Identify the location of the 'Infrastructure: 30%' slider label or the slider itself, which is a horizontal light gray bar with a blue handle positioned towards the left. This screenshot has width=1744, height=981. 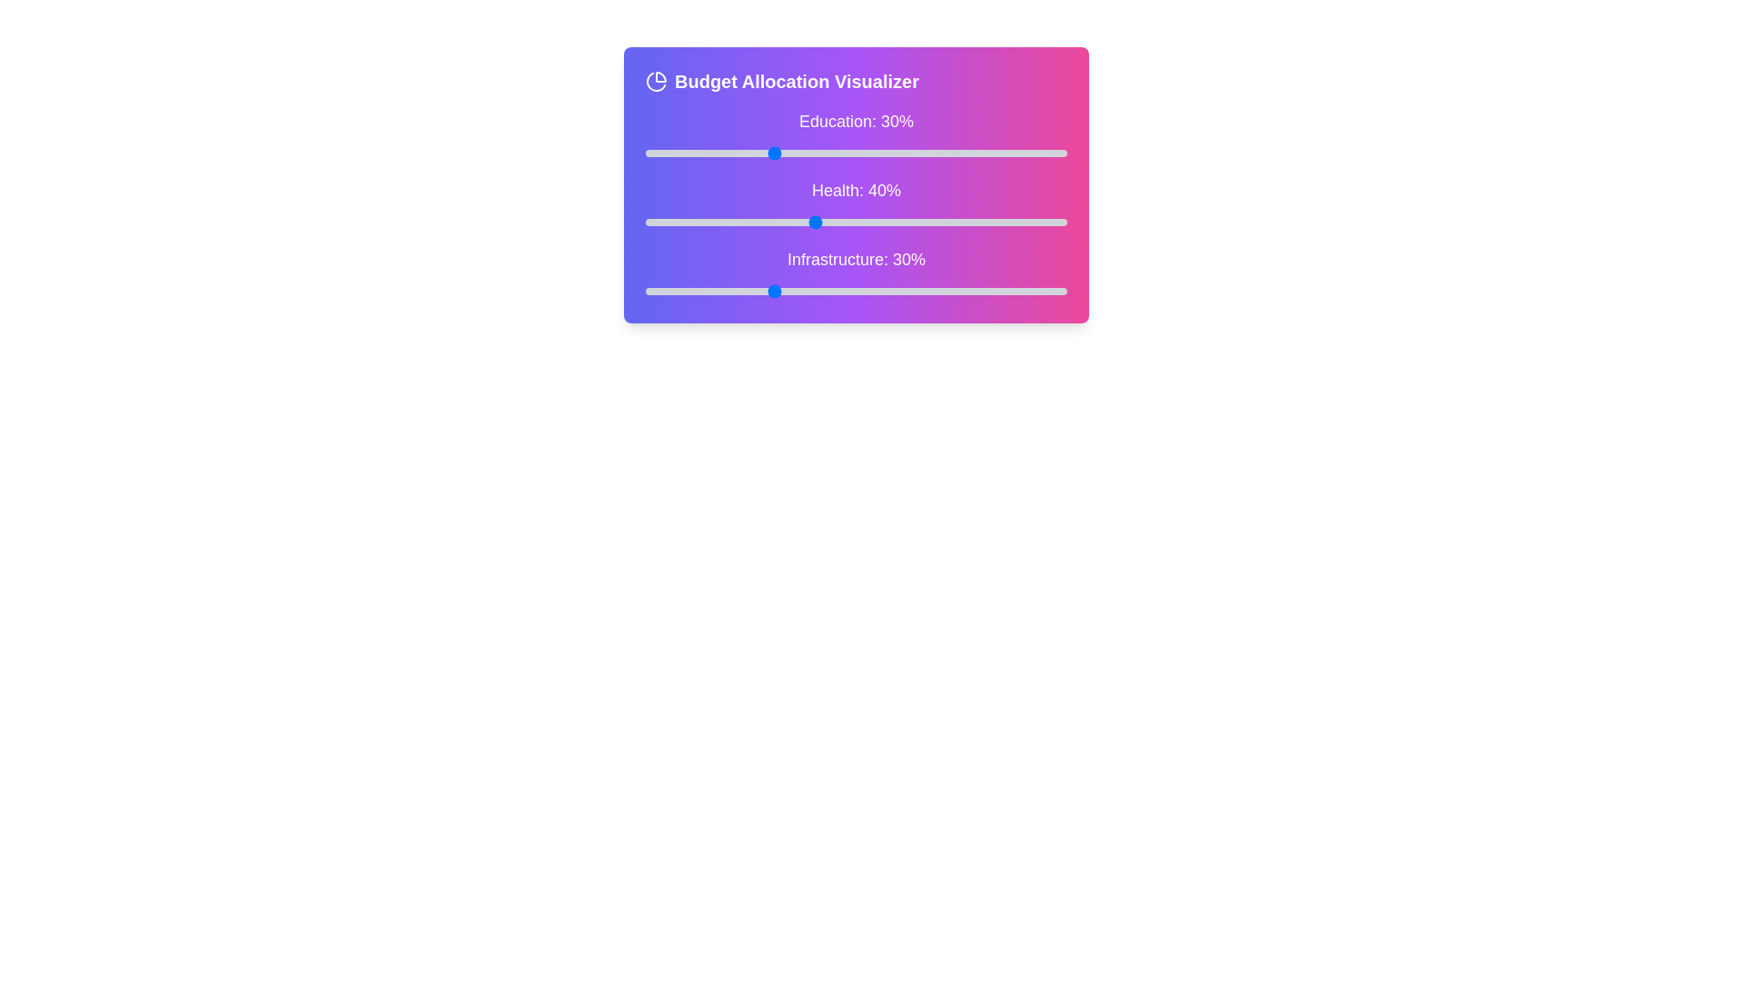
(855, 273).